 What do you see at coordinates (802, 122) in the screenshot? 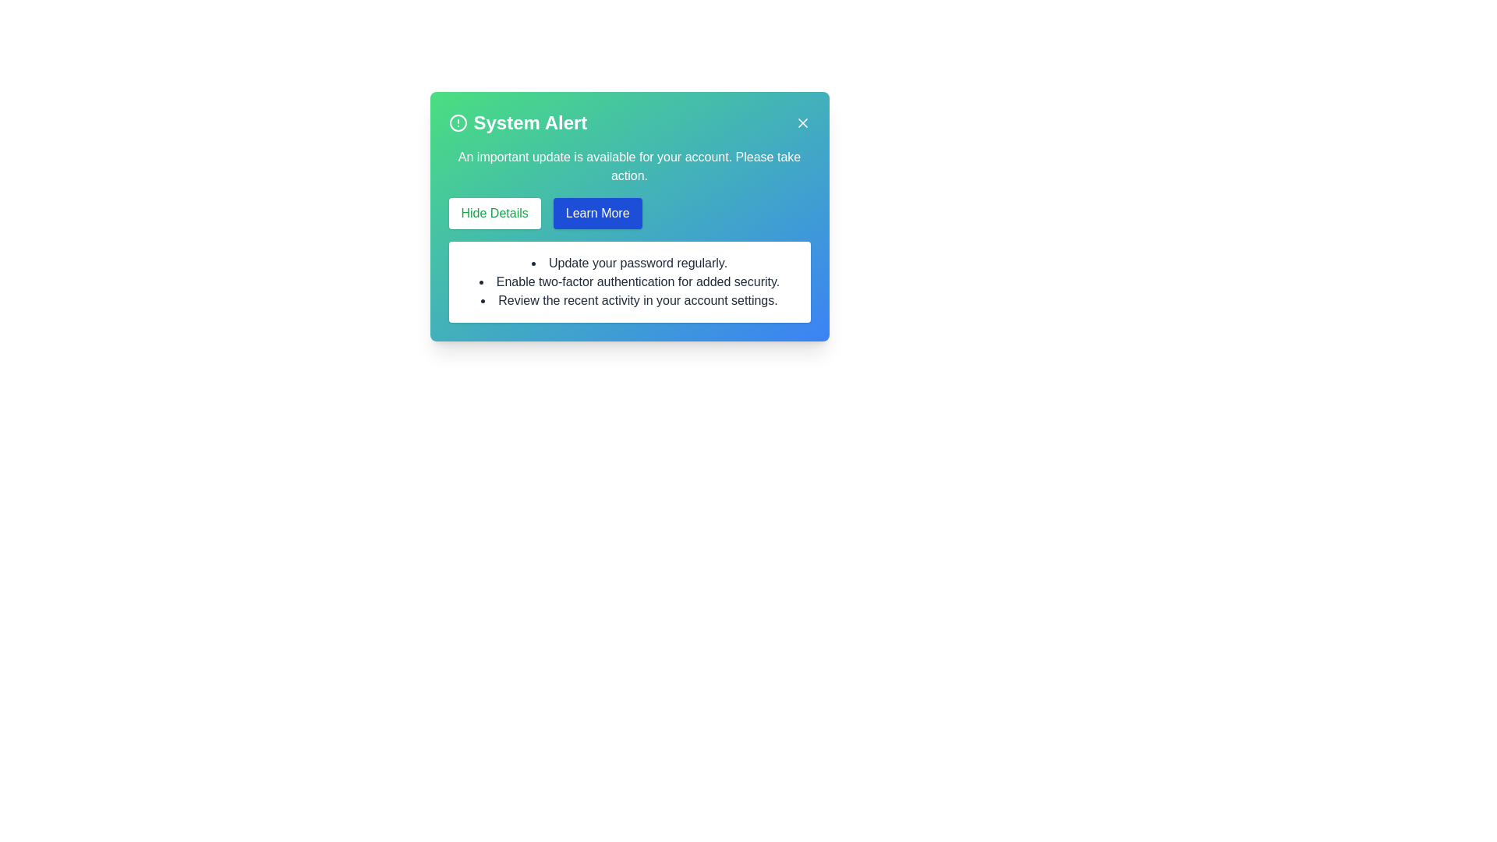
I see `the close icon button represented by a circular 'X' symbol located at the top-right corner of the 'System Alert' dialog` at bounding box center [802, 122].